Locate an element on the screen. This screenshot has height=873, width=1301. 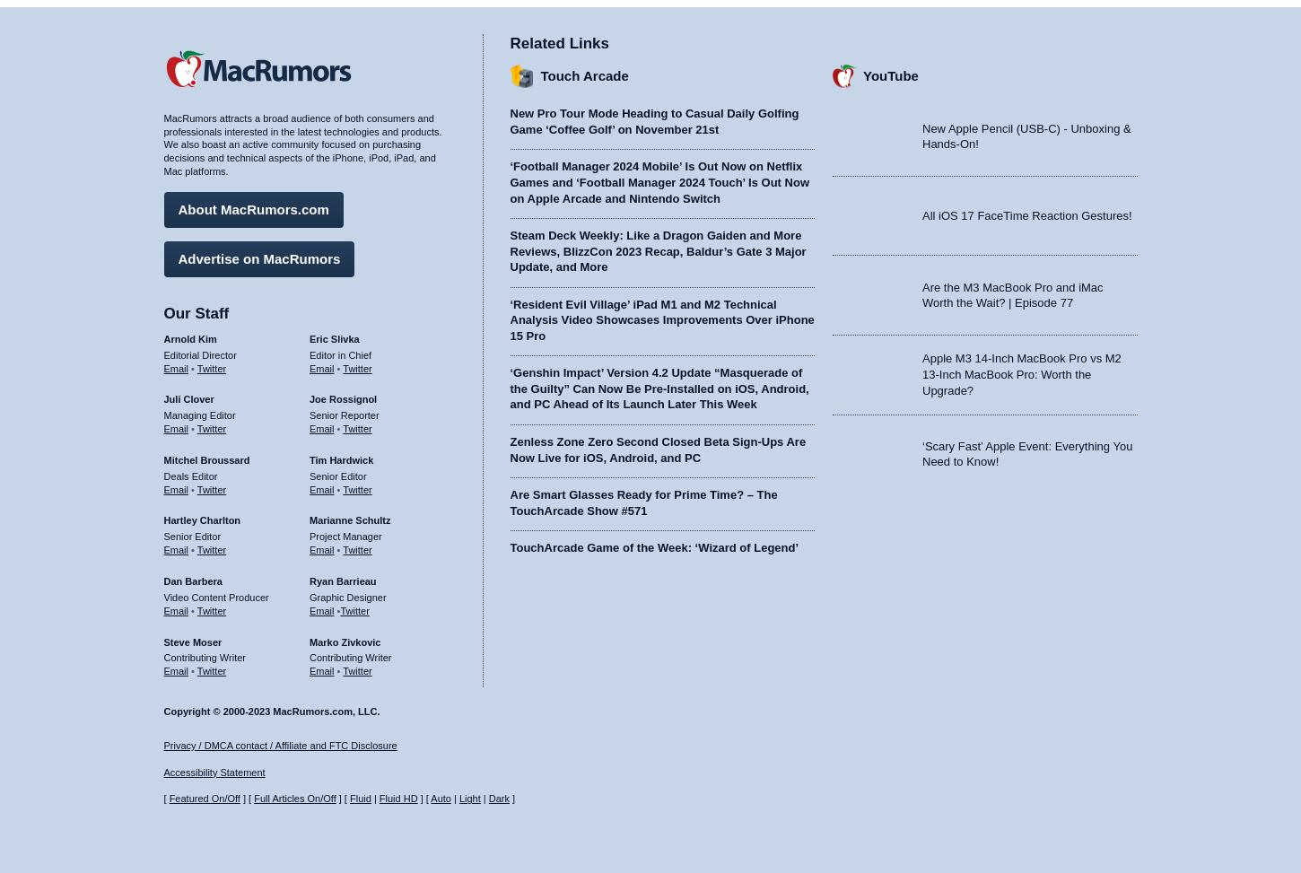
'Featured On/Off' is located at coordinates (168, 799).